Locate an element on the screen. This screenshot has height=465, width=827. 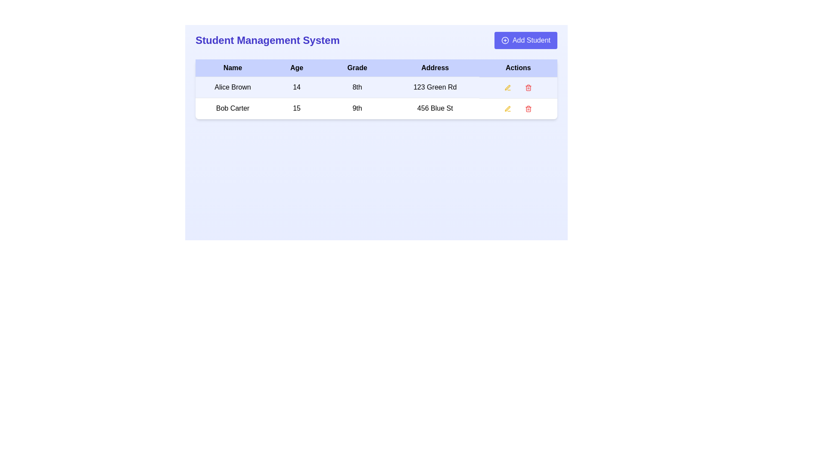
the Text element displaying '456 Blue St' located in the second row of the table under the 'Address' column is located at coordinates (435, 108).